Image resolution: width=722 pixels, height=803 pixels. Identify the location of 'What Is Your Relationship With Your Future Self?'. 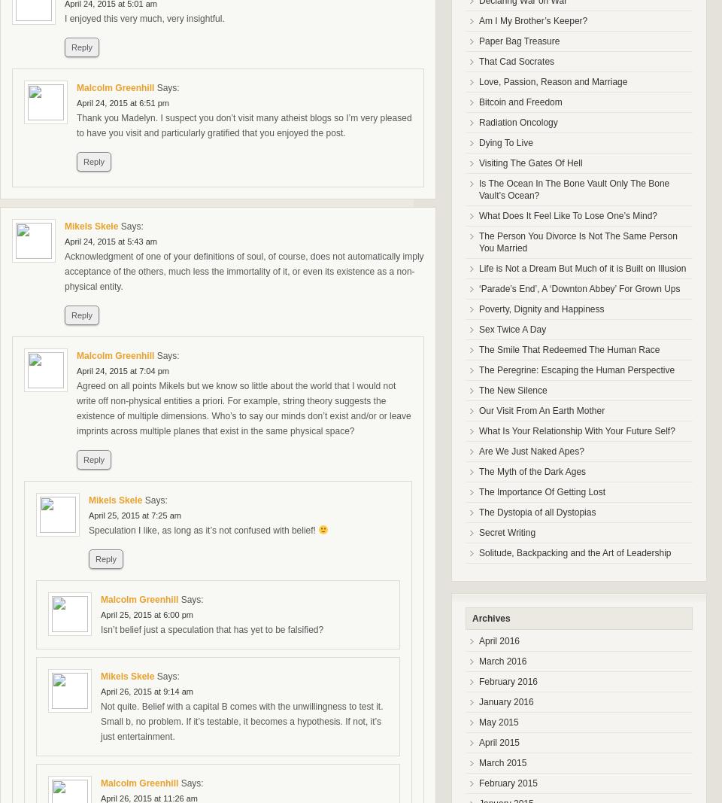
(478, 430).